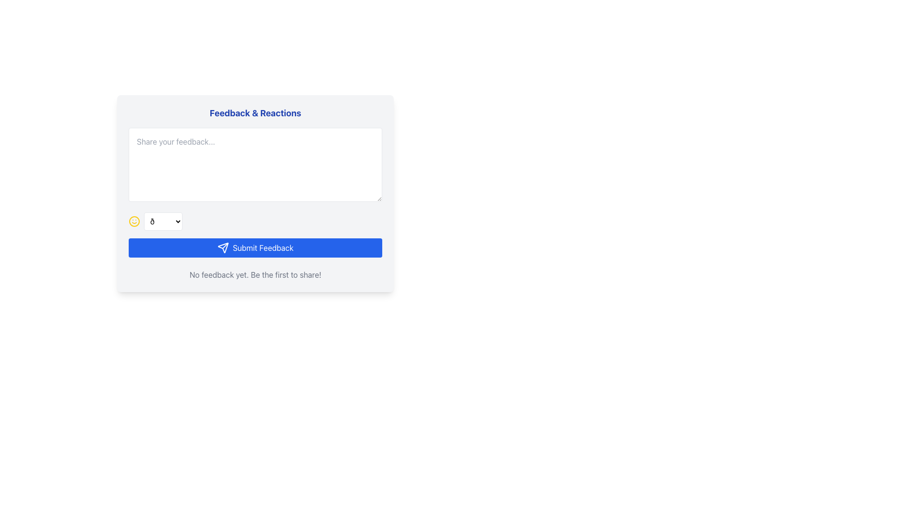 The image size is (922, 519). Describe the element at coordinates (255, 247) in the screenshot. I see `the blue 'Submit Feedback' button with white text, which features rounded corners and an icon of a paper plane` at that location.